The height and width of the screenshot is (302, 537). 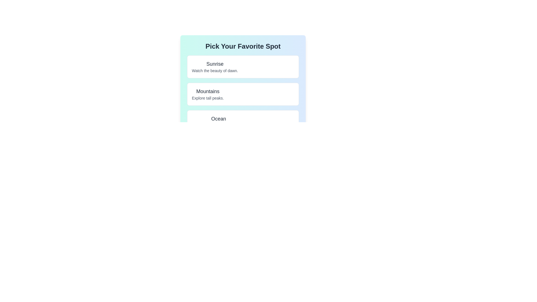 I want to click on the text label that reads 'Watch the beauty of dawn.', which is styled in a smaller, lighter font and is positioned directly beneath the 'Sunrise' heading in the first selection box, so click(x=215, y=70).